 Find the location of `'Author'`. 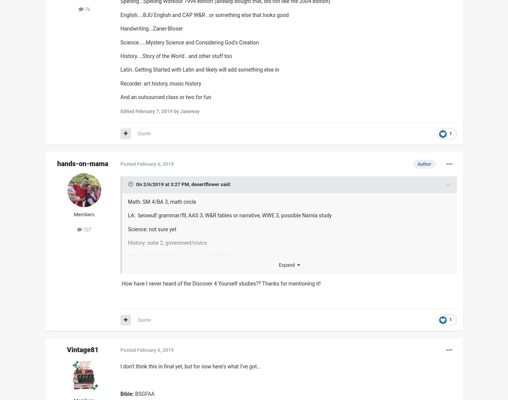

'Author' is located at coordinates (424, 163).